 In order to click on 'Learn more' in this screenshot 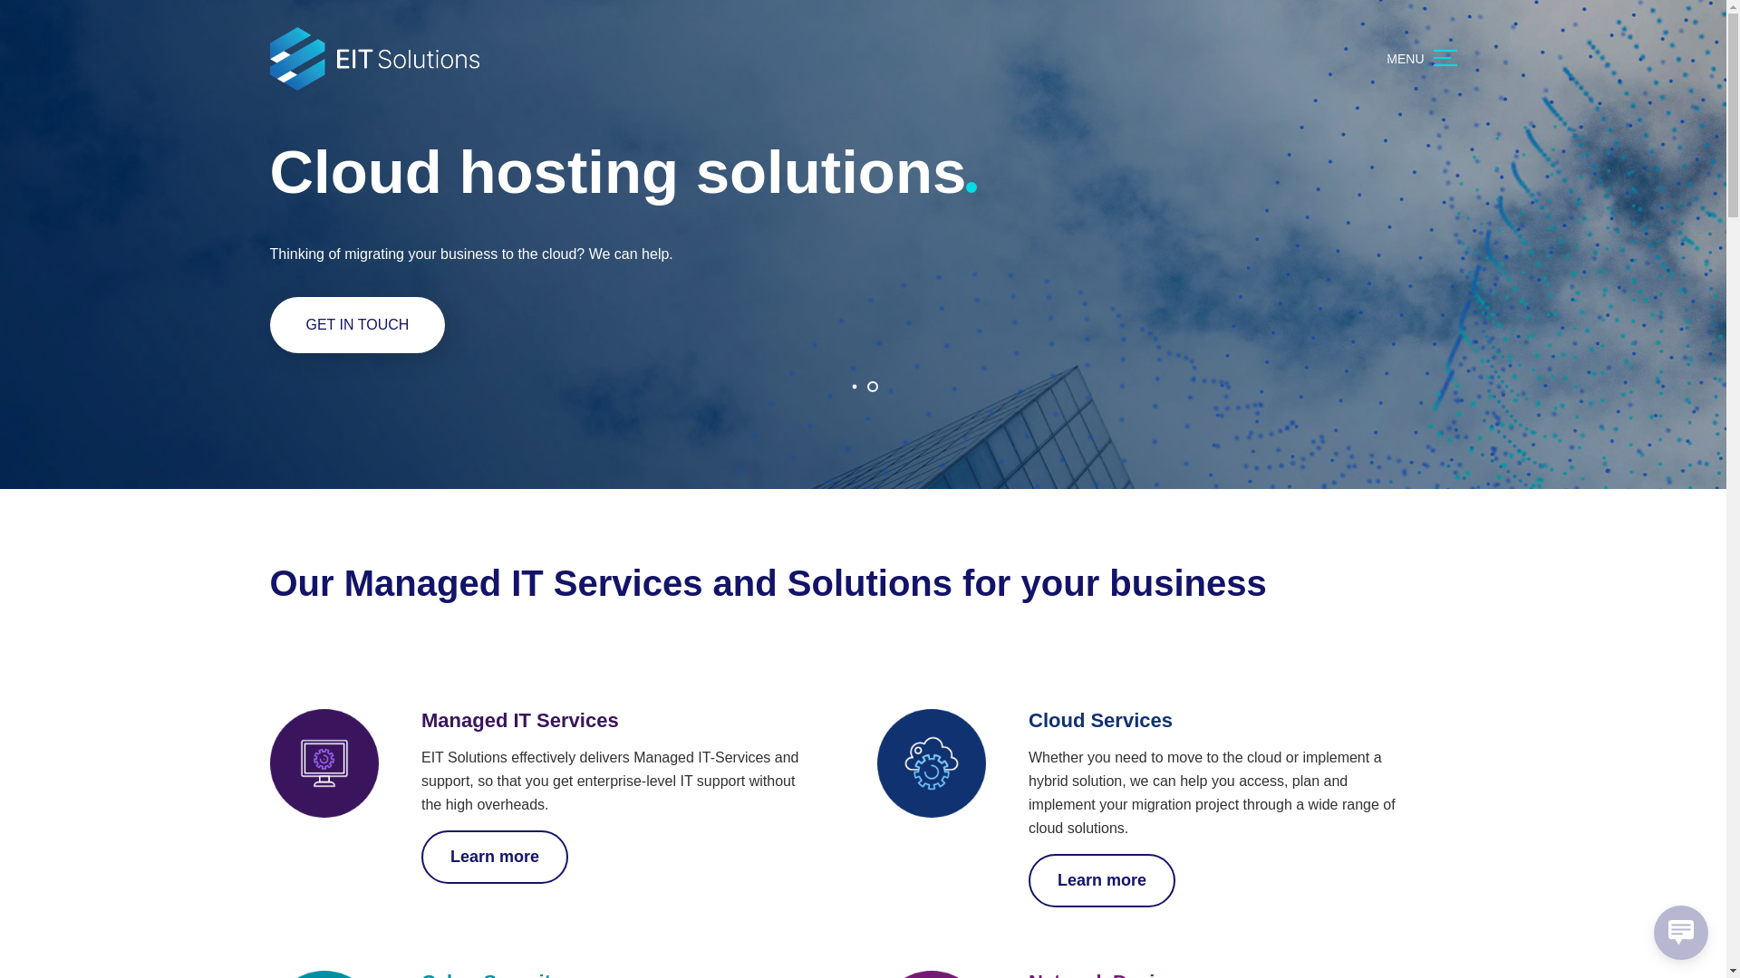, I will do `click(1100, 879)`.